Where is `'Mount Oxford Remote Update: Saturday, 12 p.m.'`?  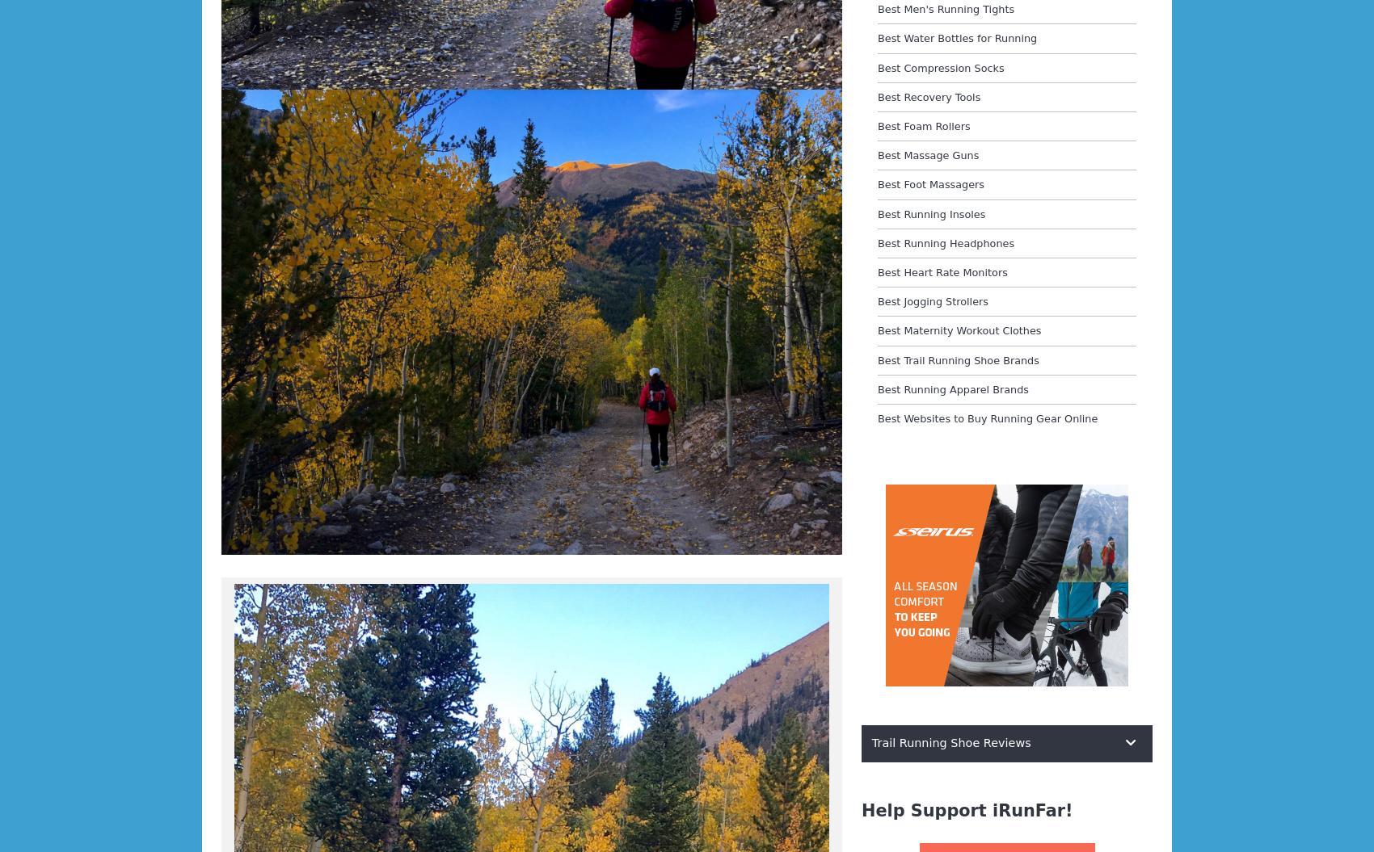
'Mount Oxford Remote Update: Saturday, 12 p.m.' is located at coordinates (234, 255).